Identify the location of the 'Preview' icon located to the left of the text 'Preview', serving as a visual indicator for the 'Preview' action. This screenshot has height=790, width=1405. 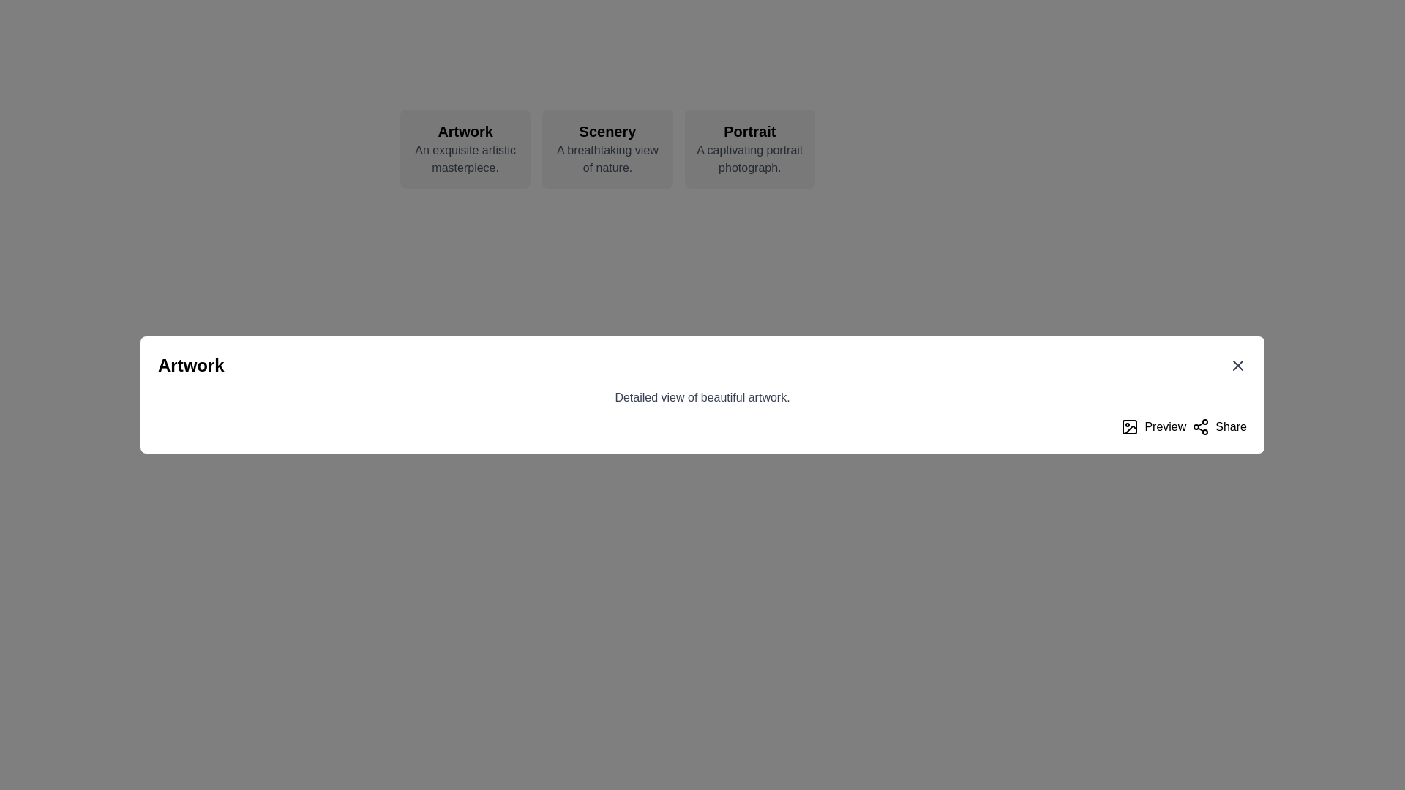
(1129, 426).